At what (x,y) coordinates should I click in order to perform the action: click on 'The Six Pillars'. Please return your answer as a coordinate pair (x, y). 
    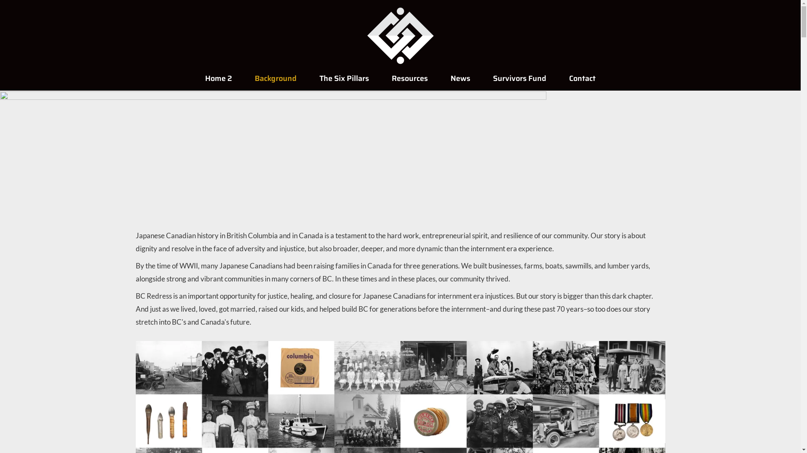
    Looking at the image, I should click on (344, 78).